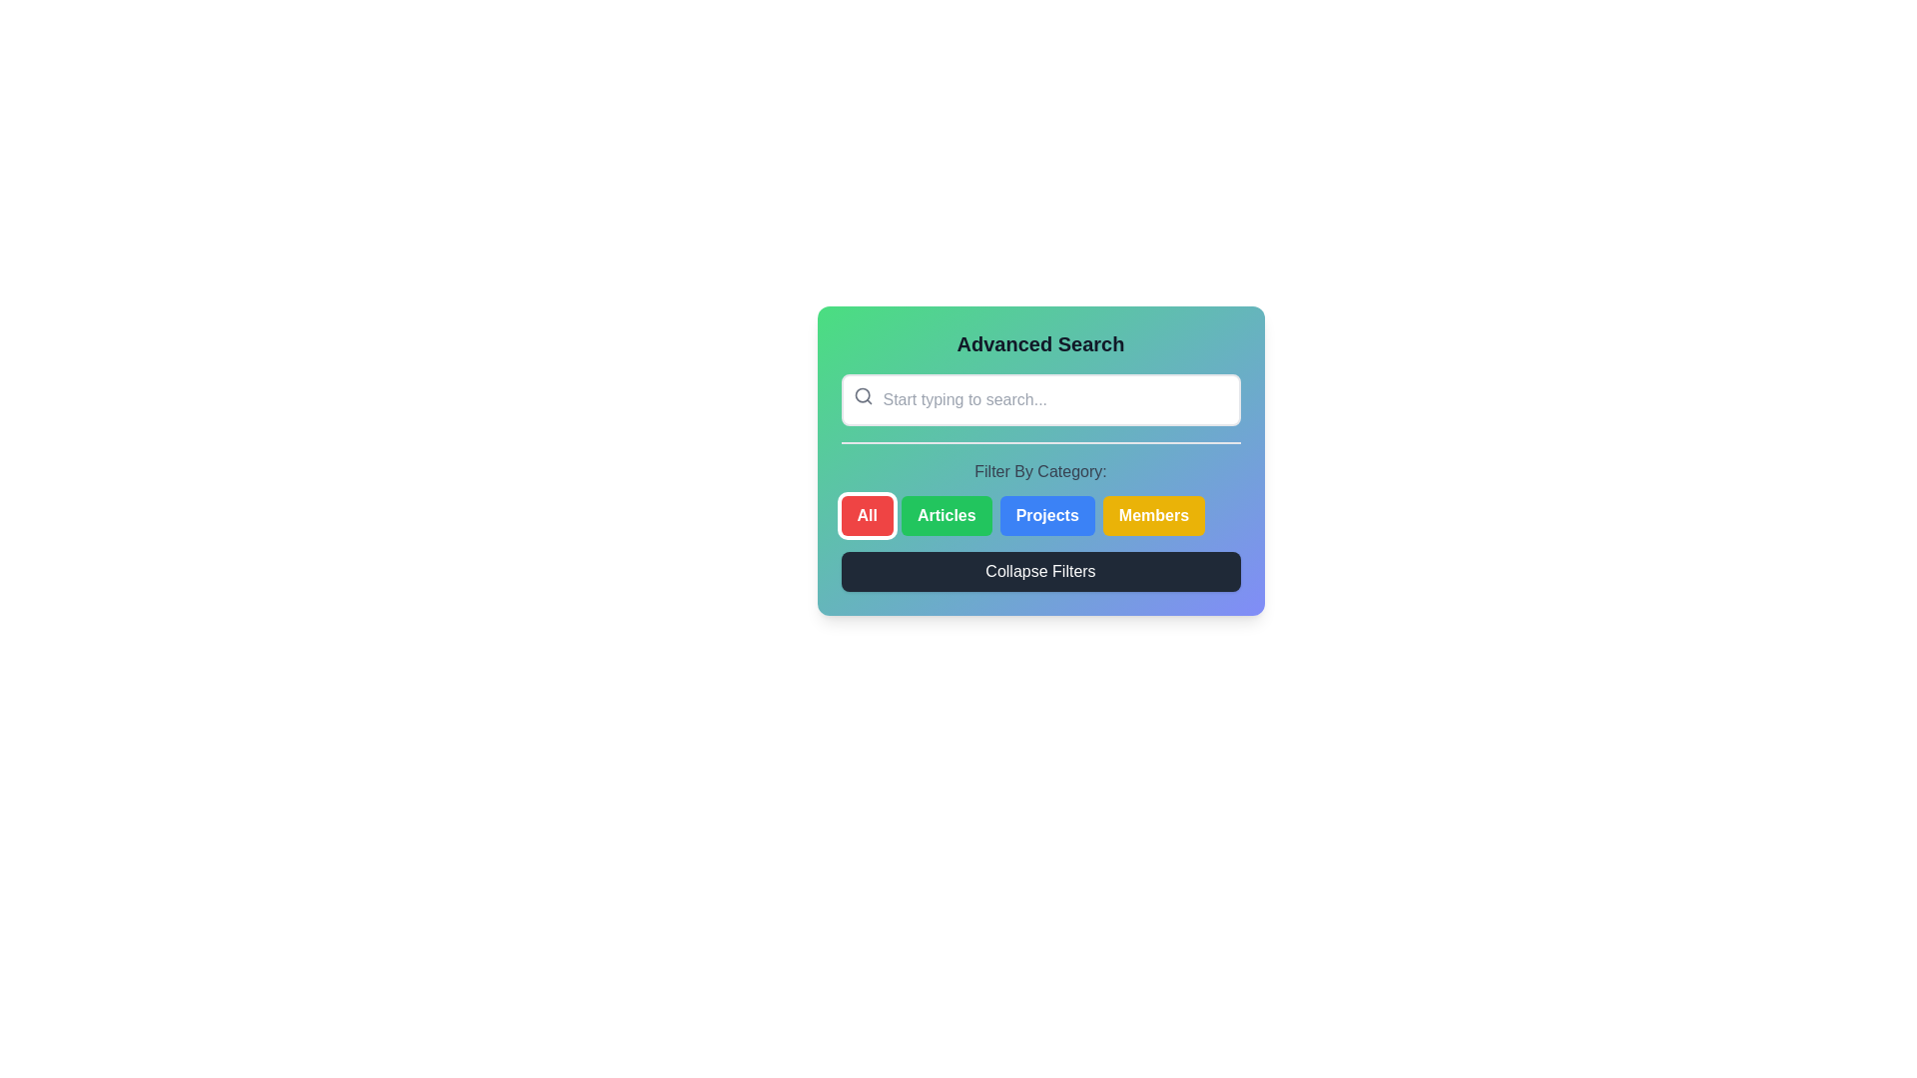 The image size is (1917, 1078). Describe the element at coordinates (862, 395) in the screenshot. I see `the circular part of the magnifying glass icon located to the left of the input field labeled 'Start typing to search...' in the 'Advanced Search' section` at that location.